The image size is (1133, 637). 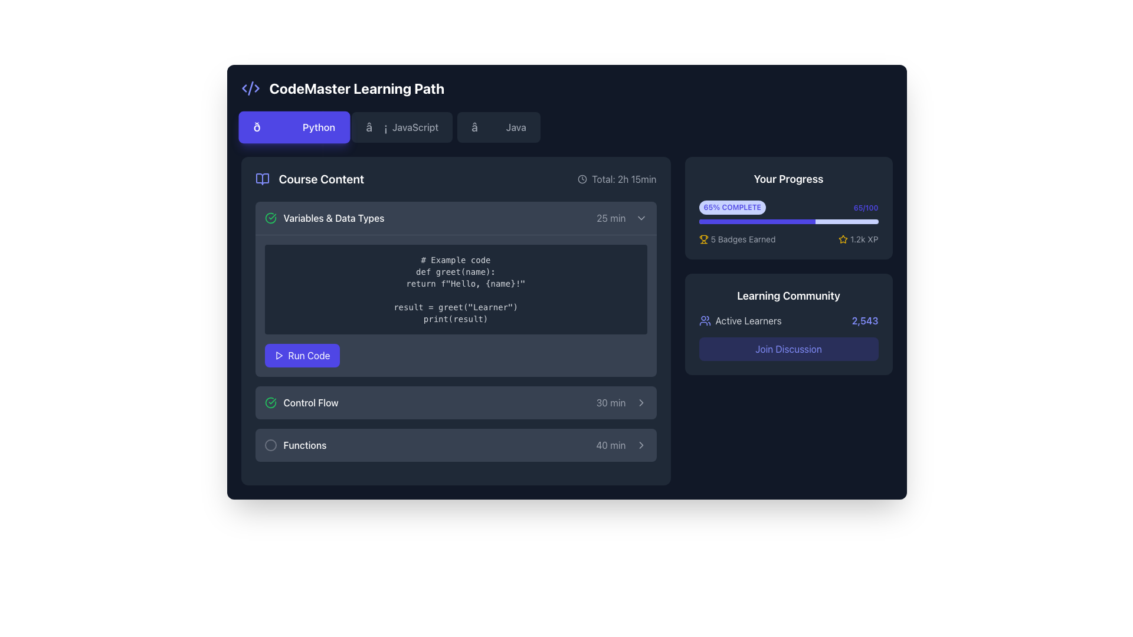 What do you see at coordinates (736, 239) in the screenshot?
I see `the Text with icon display that indicates the number of badges earned by the user, located in the 'Your Progress' section, to the left of the '1.2k XP' text` at bounding box center [736, 239].